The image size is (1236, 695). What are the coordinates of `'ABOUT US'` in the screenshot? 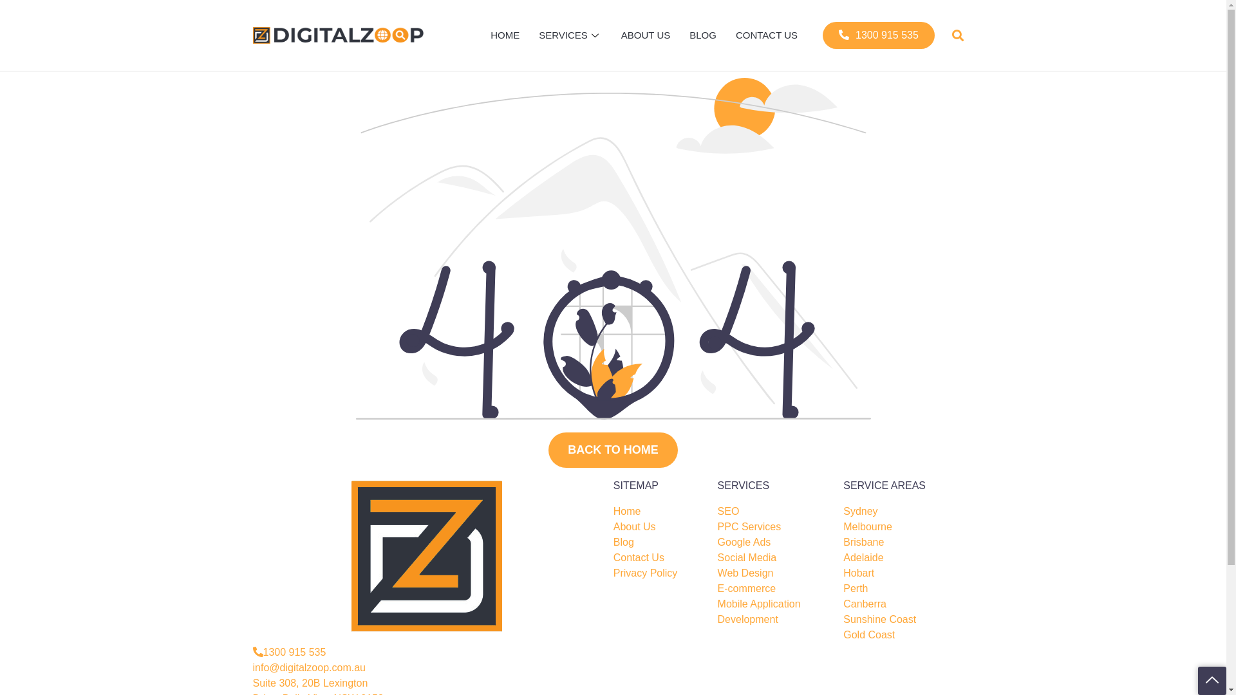 It's located at (646, 34).